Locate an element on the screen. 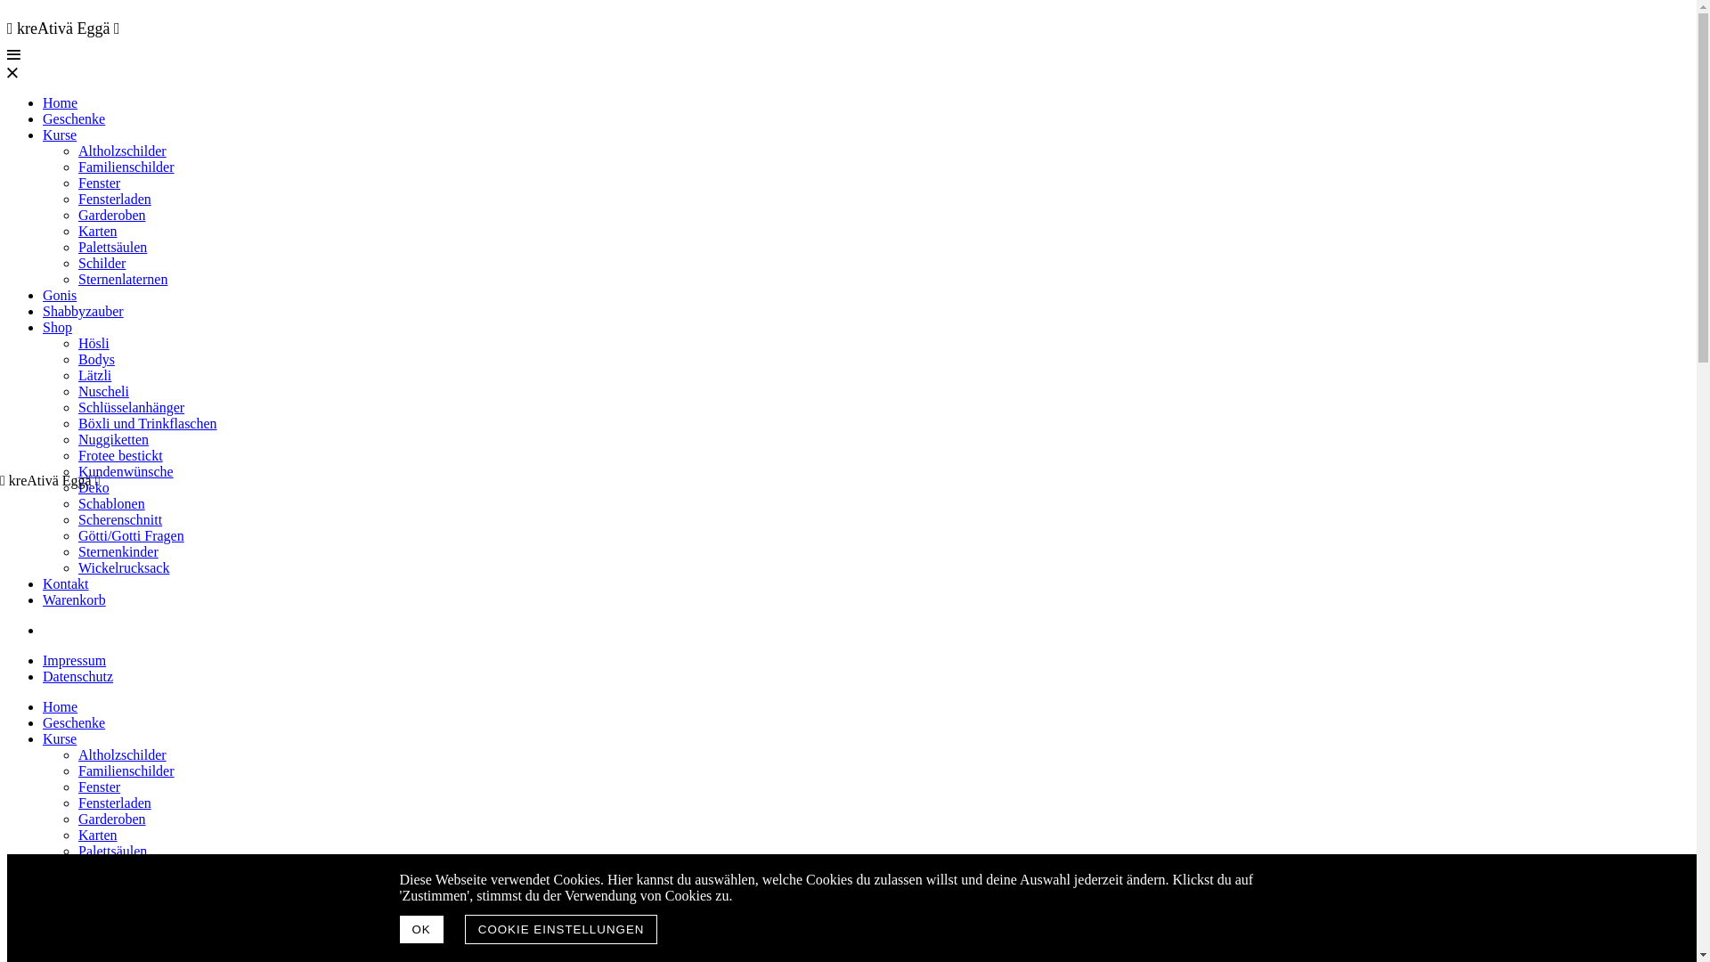  'Karten' is located at coordinates (77, 835).